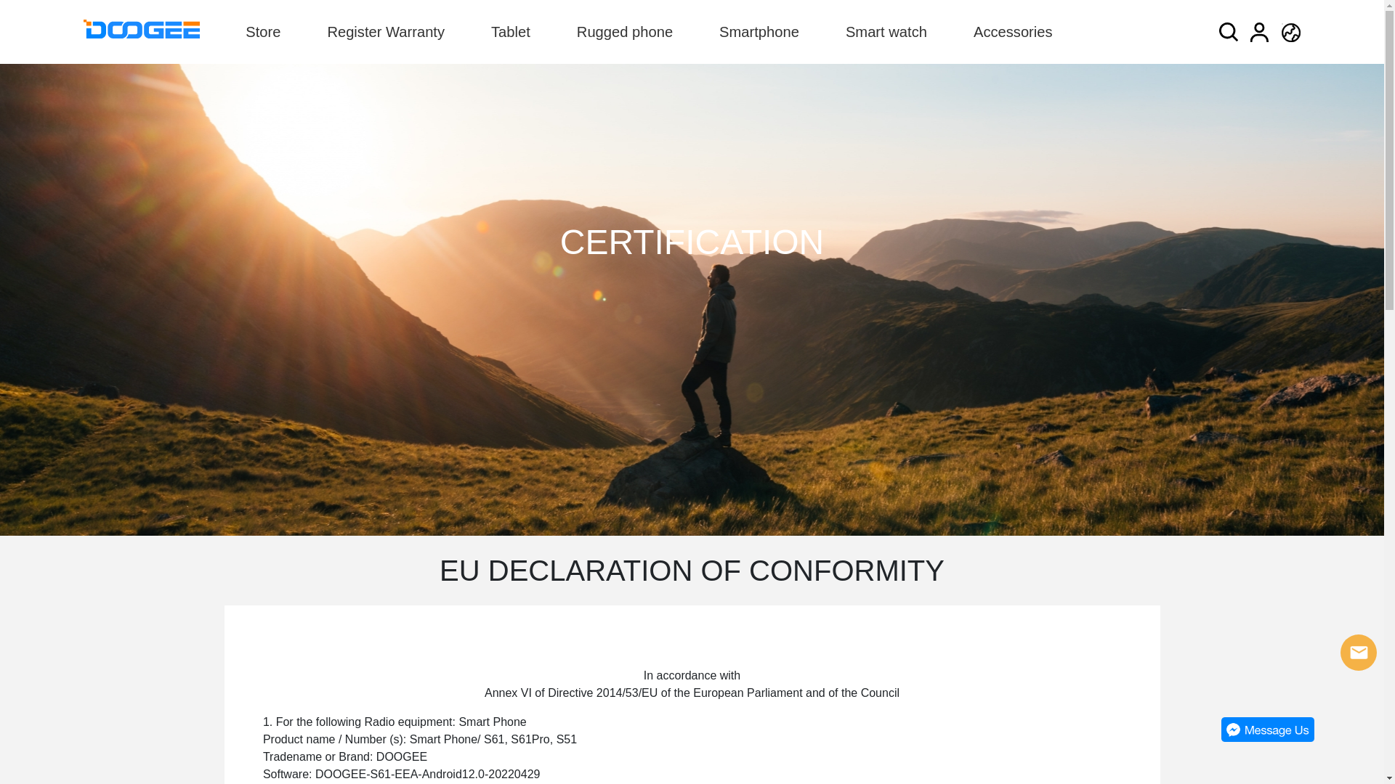 The height and width of the screenshot is (784, 1395). Describe the element at coordinates (624, 31) in the screenshot. I see `'Rugged phone'` at that location.